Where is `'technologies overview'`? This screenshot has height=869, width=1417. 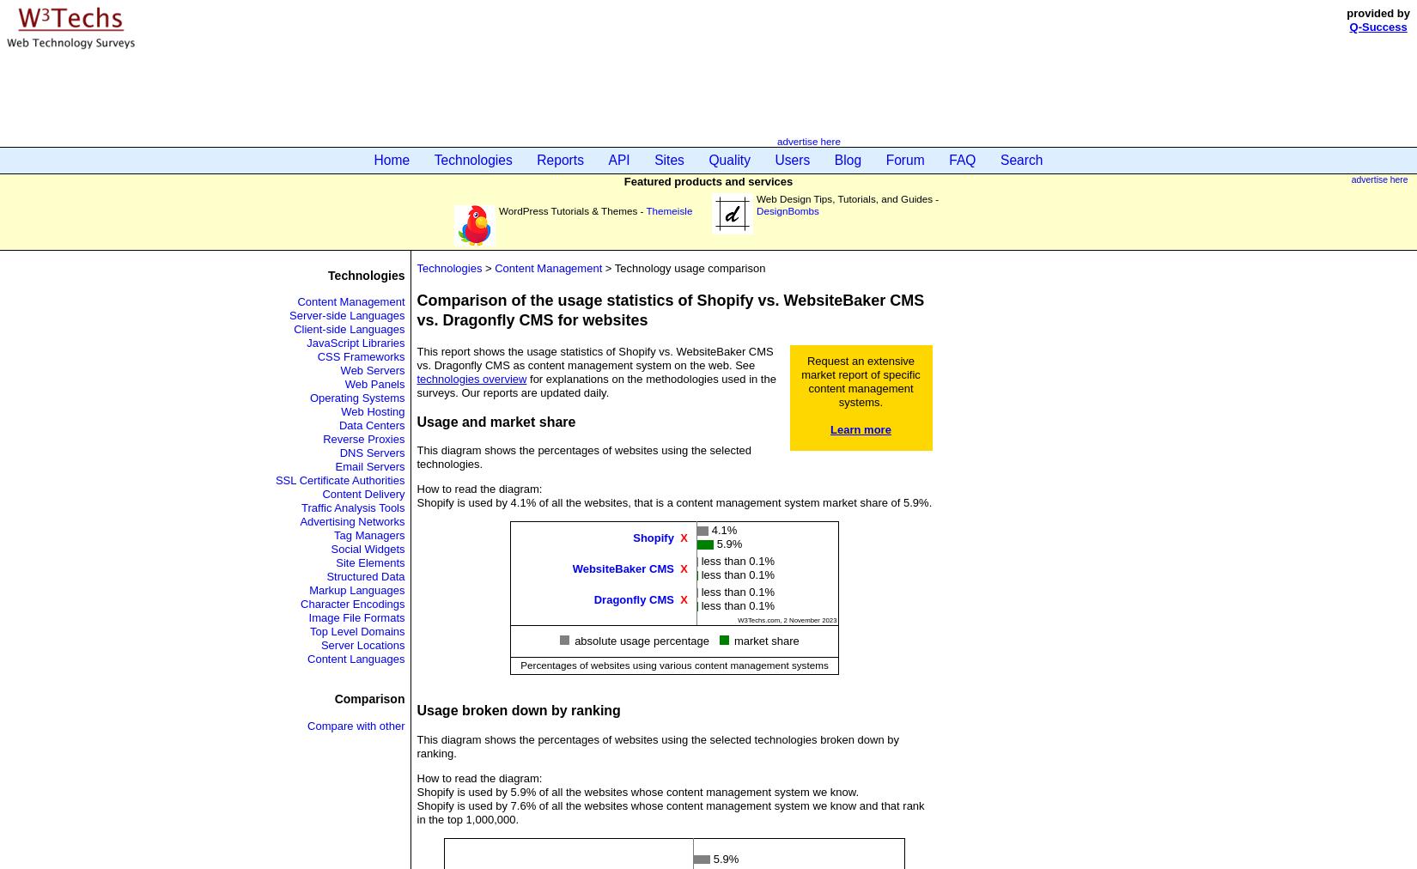 'technologies overview' is located at coordinates (470, 378).